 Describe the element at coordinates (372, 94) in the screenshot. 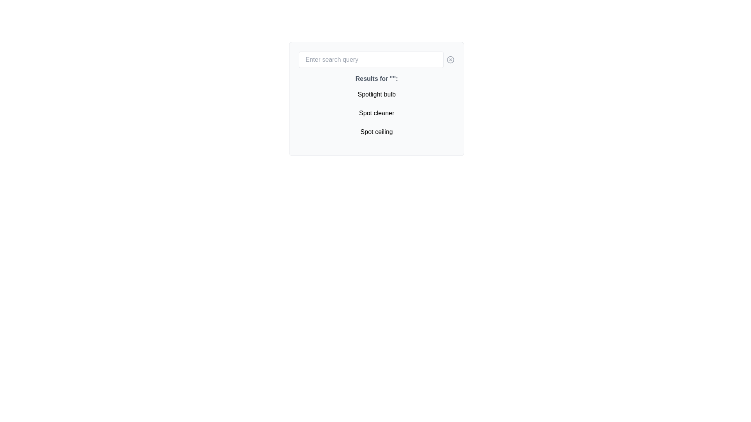

I see `the eighth character of the text 'Spotlight bulb' displayed in the search results list, which is part of the first item in the list` at that location.